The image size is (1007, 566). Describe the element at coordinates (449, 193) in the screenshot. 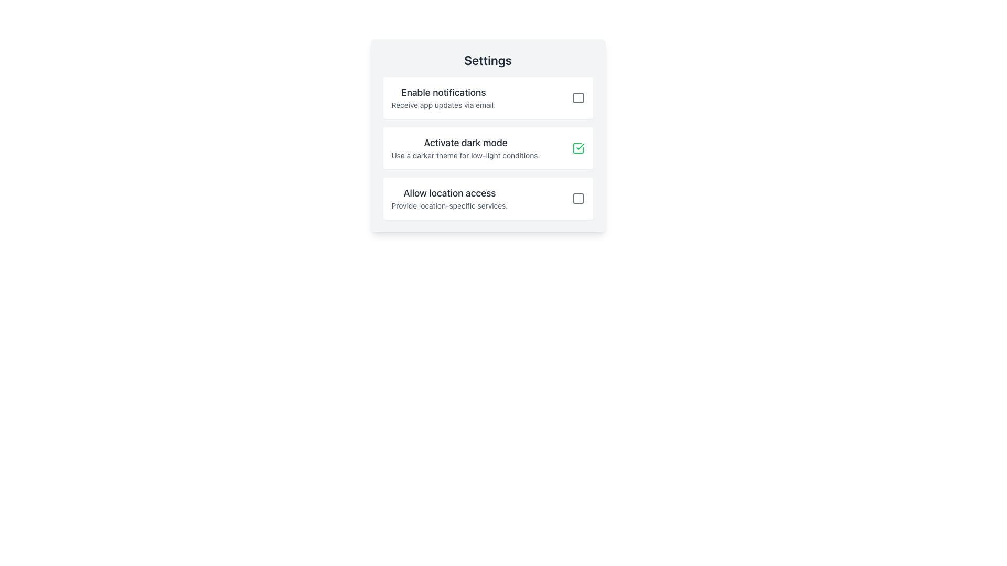

I see `the label that states 'Allow location access', which is styled with a larger font size and strong medium weight, located in the settings interface above the text 'Provide location-specific services'` at that location.